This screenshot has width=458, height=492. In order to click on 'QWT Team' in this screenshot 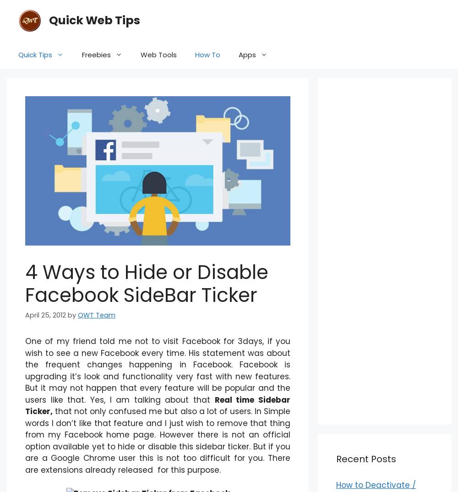, I will do `click(96, 314)`.